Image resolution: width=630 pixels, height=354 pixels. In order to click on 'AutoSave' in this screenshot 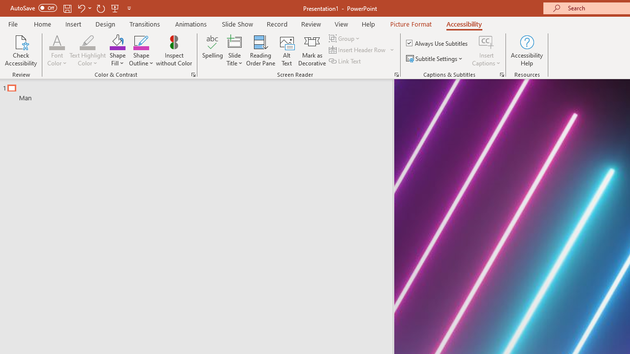, I will do `click(33, 8)`.